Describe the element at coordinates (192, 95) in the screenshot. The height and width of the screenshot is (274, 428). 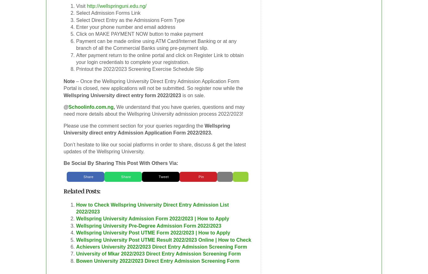
I see `'is on sale.'` at that location.